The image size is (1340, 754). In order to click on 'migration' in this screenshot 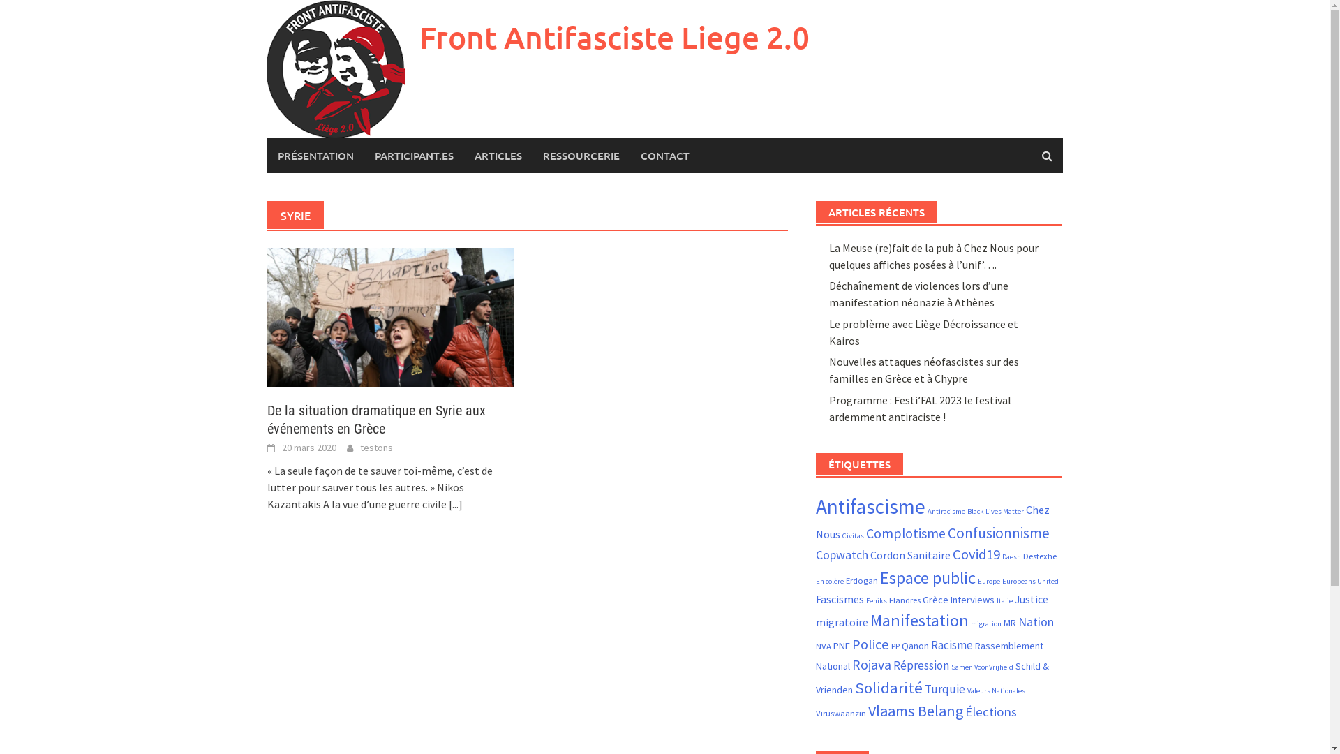, I will do `click(985, 623)`.